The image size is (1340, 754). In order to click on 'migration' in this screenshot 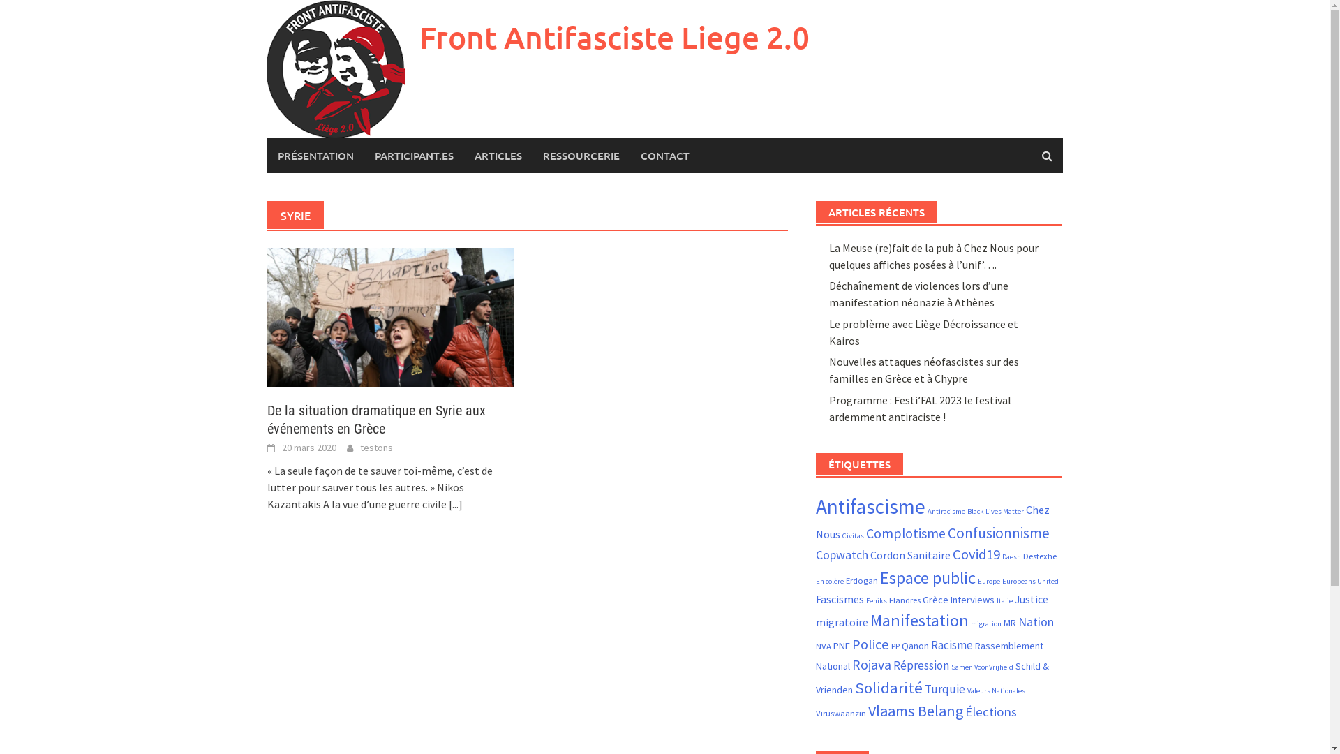, I will do `click(985, 623)`.